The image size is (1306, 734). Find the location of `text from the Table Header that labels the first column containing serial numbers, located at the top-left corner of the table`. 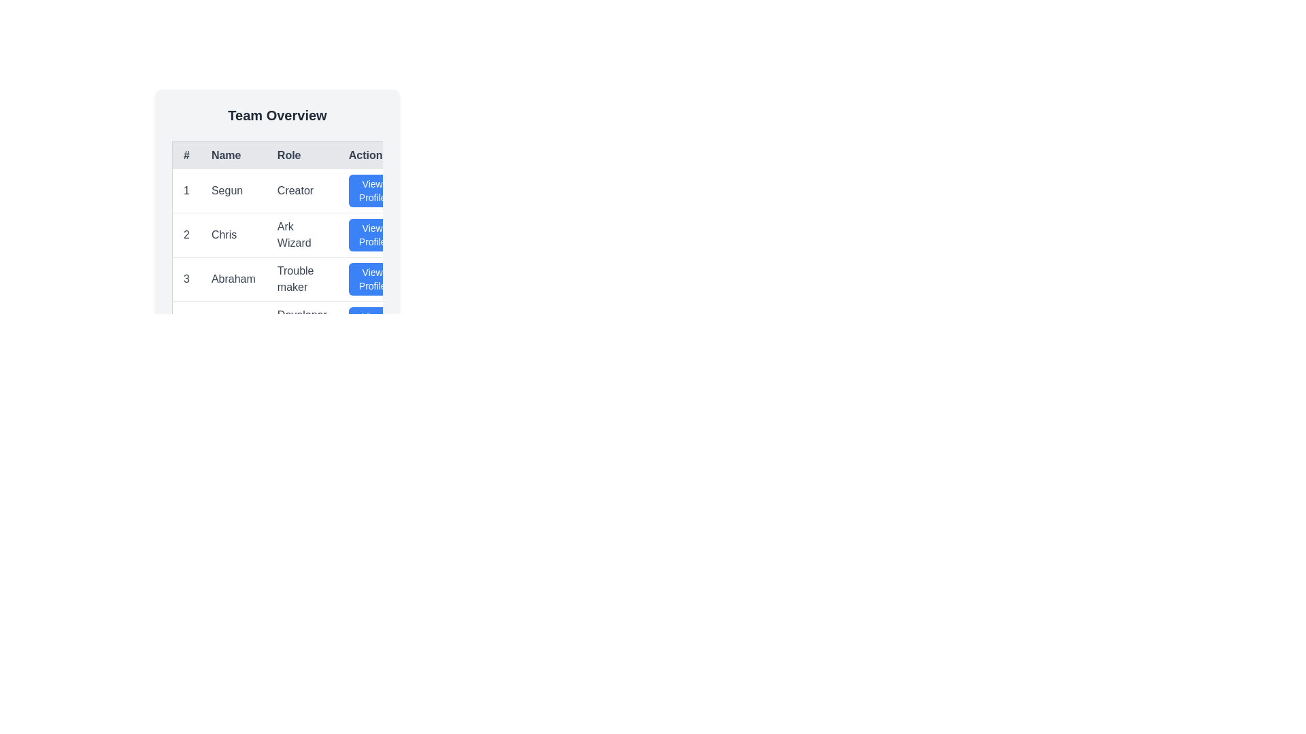

text from the Table Header that labels the first column containing serial numbers, located at the top-left corner of the table is located at coordinates (186, 154).